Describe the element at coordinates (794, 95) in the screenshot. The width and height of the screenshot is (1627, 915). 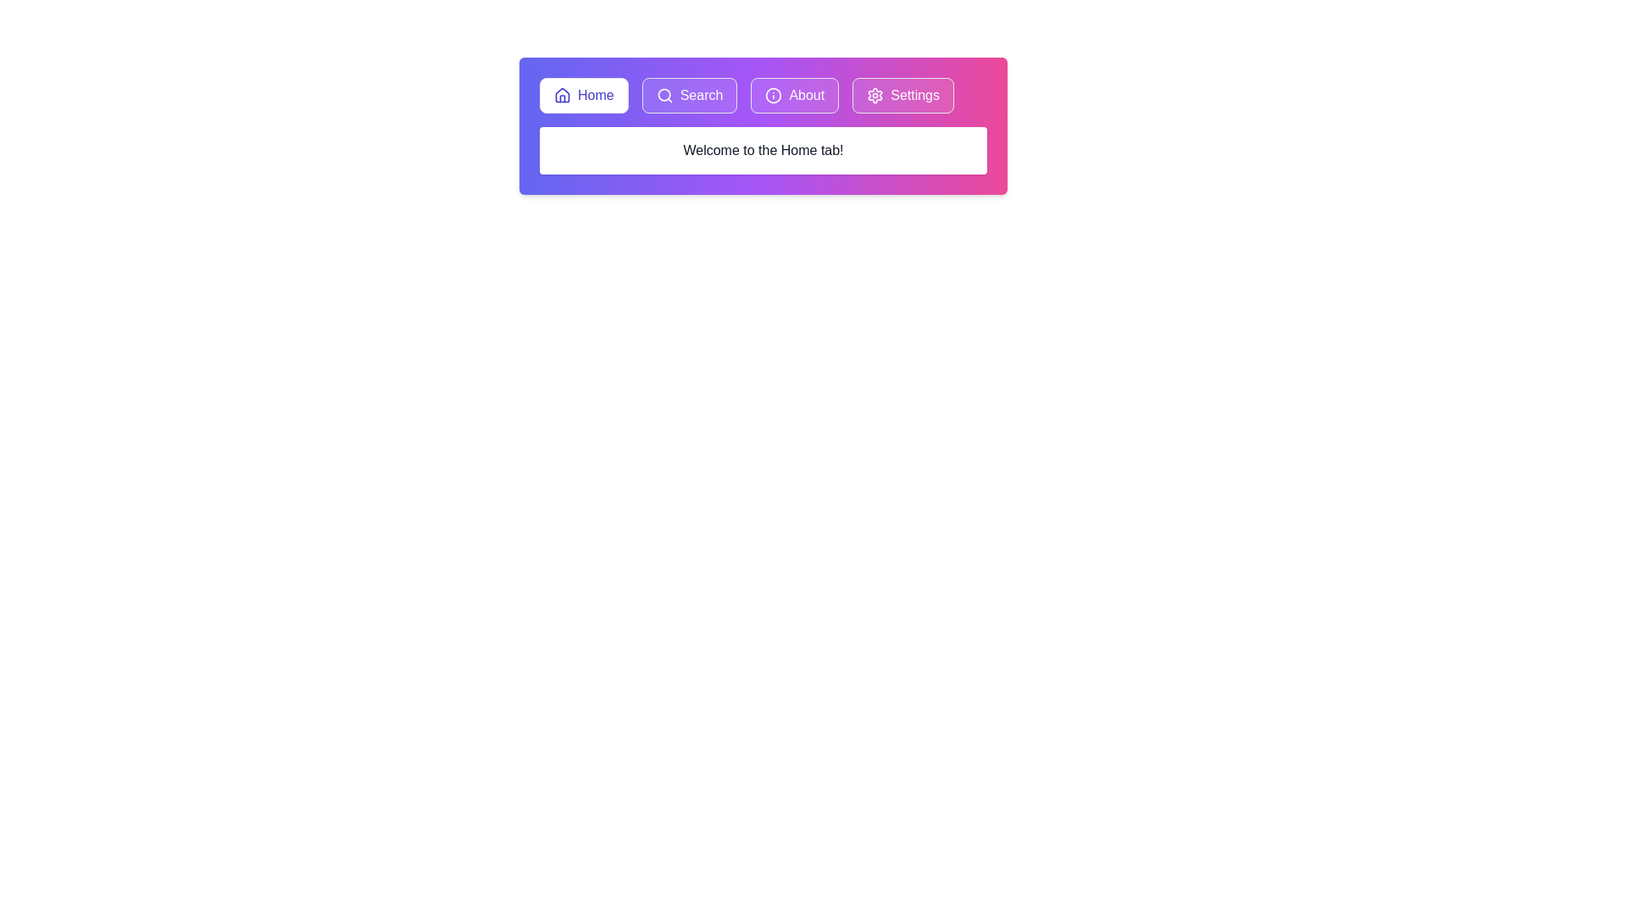
I see `the tab labeled About to activate it` at that location.